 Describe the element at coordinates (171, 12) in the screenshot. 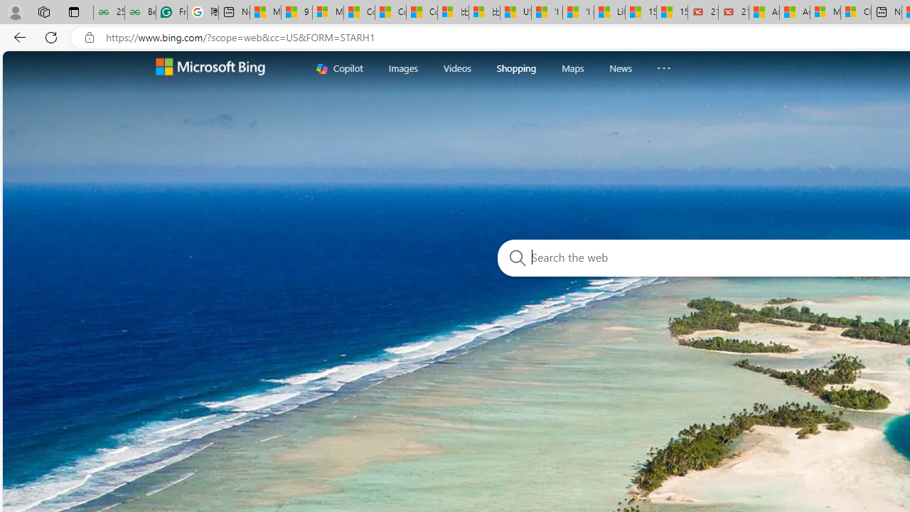

I see `'Free AI Writing Assistance for Students | Grammarly'` at that location.